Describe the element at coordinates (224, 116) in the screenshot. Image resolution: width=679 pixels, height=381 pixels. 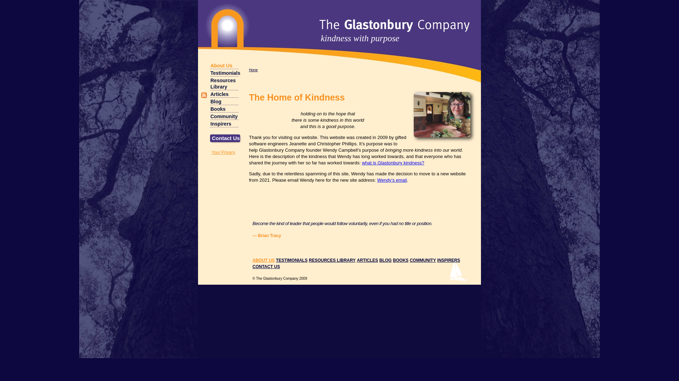
I see `'Community'` at that location.